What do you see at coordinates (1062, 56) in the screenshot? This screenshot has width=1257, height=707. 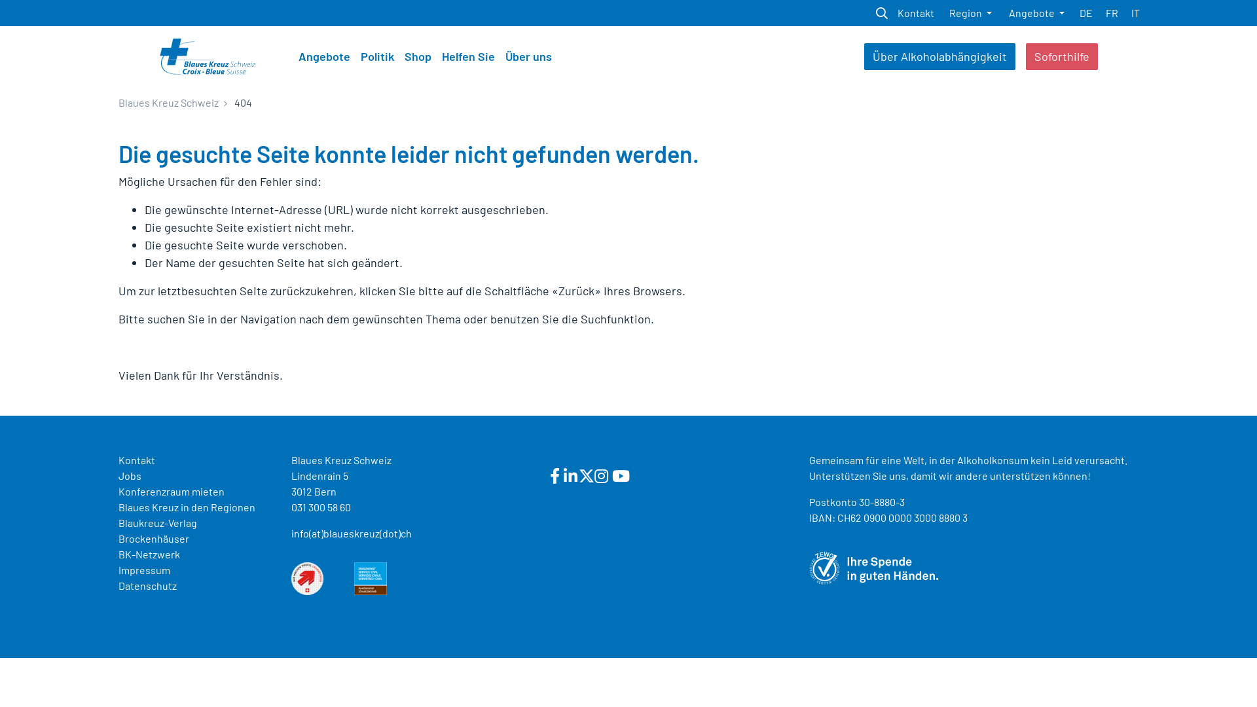 I see `'Soforthilfe'` at bounding box center [1062, 56].